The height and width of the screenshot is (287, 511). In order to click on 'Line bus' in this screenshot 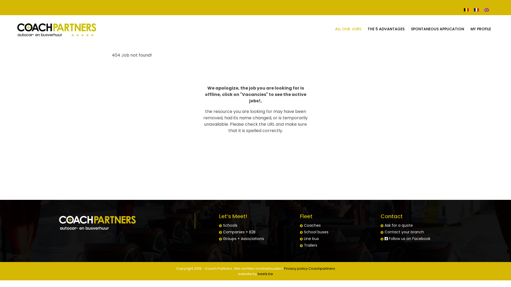, I will do `click(304, 238)`.